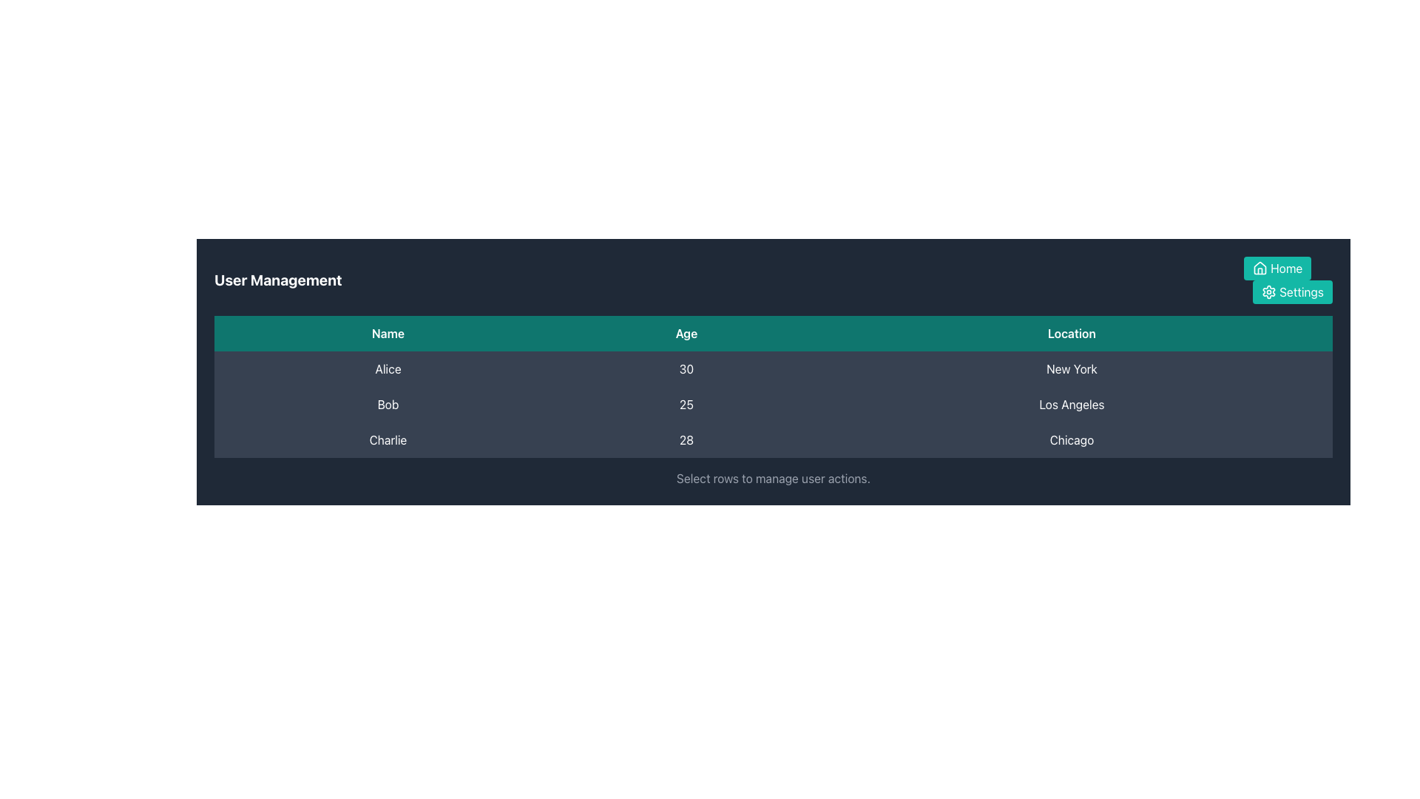  What do you see at coordinates (686, 405) in the screenshot?
I see `the text component displaying '25' in white color within the 'Age' column for the 'Bob' row, located at the center of its cell` at bounding box center [686, 405].